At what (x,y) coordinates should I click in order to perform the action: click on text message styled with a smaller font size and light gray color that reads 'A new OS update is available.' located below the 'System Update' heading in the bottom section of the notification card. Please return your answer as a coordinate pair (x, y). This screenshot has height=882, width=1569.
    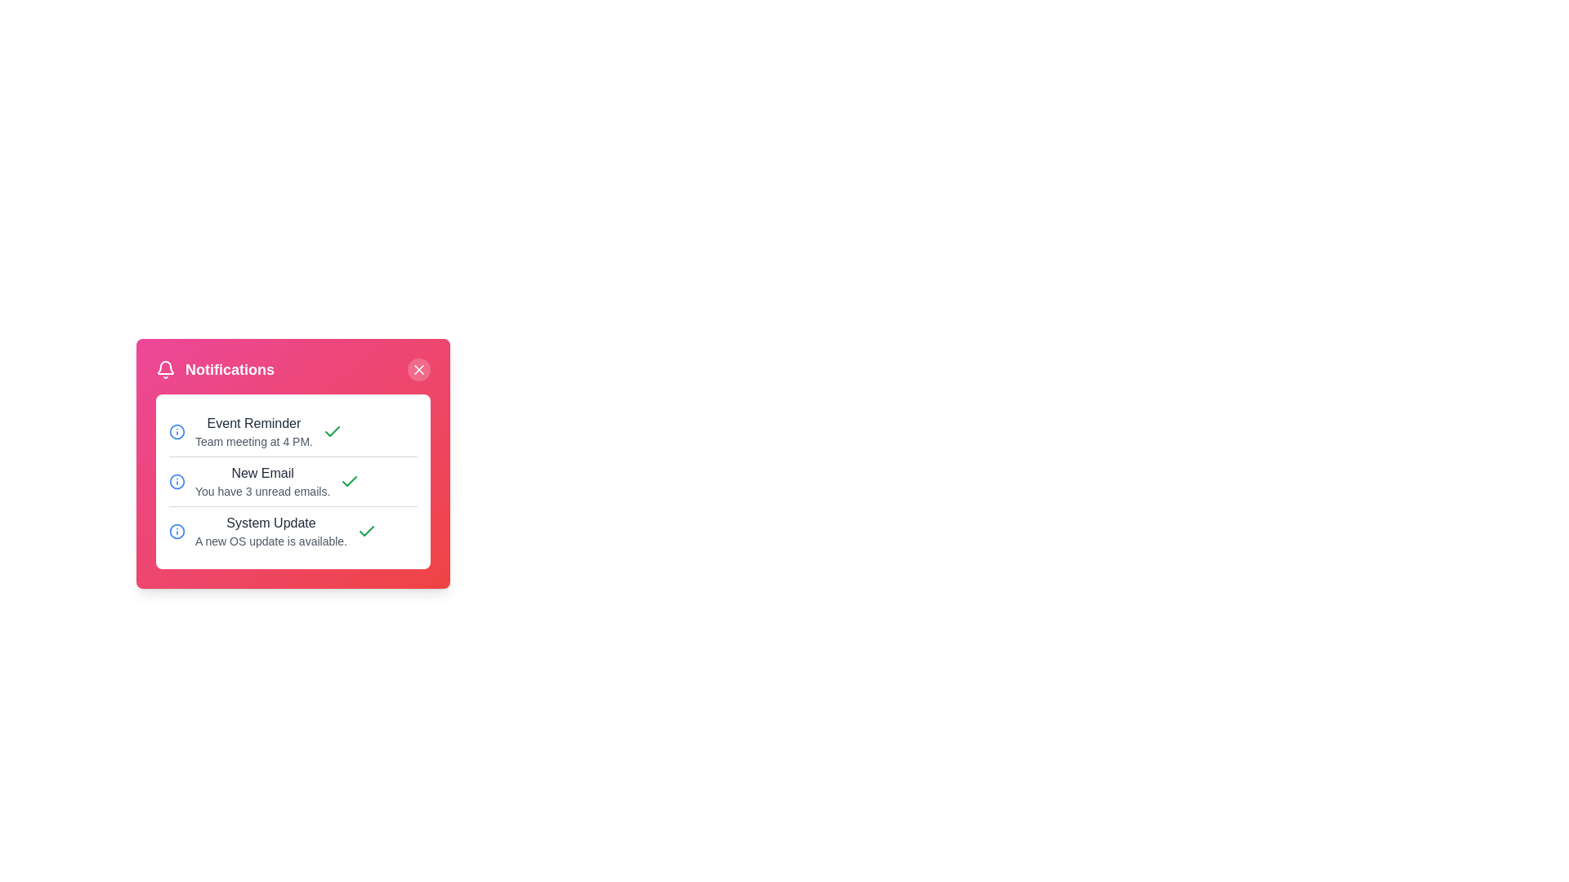
    Looking at the image, I should click on (270, 541).